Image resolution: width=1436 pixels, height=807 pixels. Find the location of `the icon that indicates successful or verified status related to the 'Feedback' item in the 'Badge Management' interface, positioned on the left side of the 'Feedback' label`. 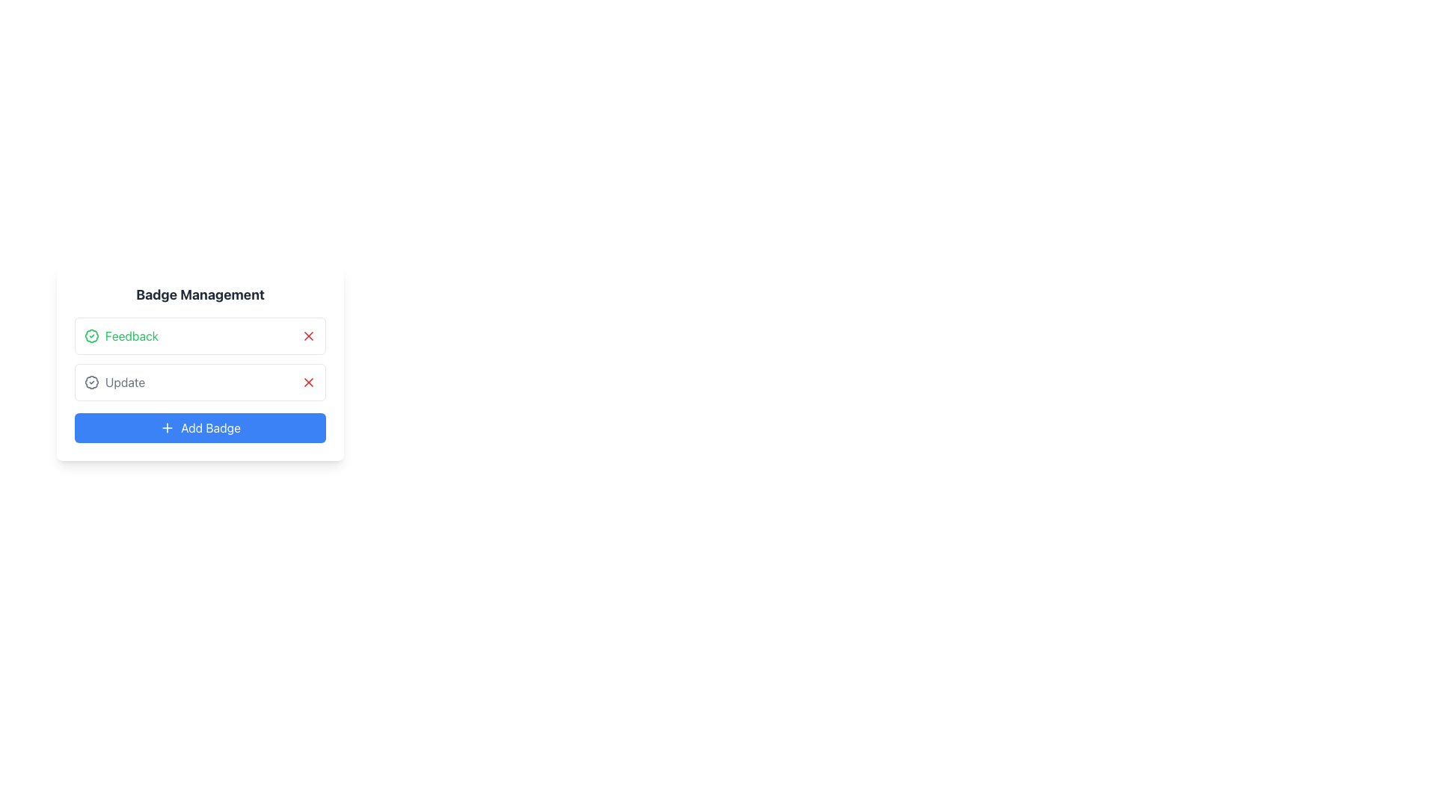

the icon that indicates successful or verified status related to the 'Feedback' item in the 'Badge Management' interface, positioned on the left side of the 'Feedback' label is located at coordinates (91, 336).